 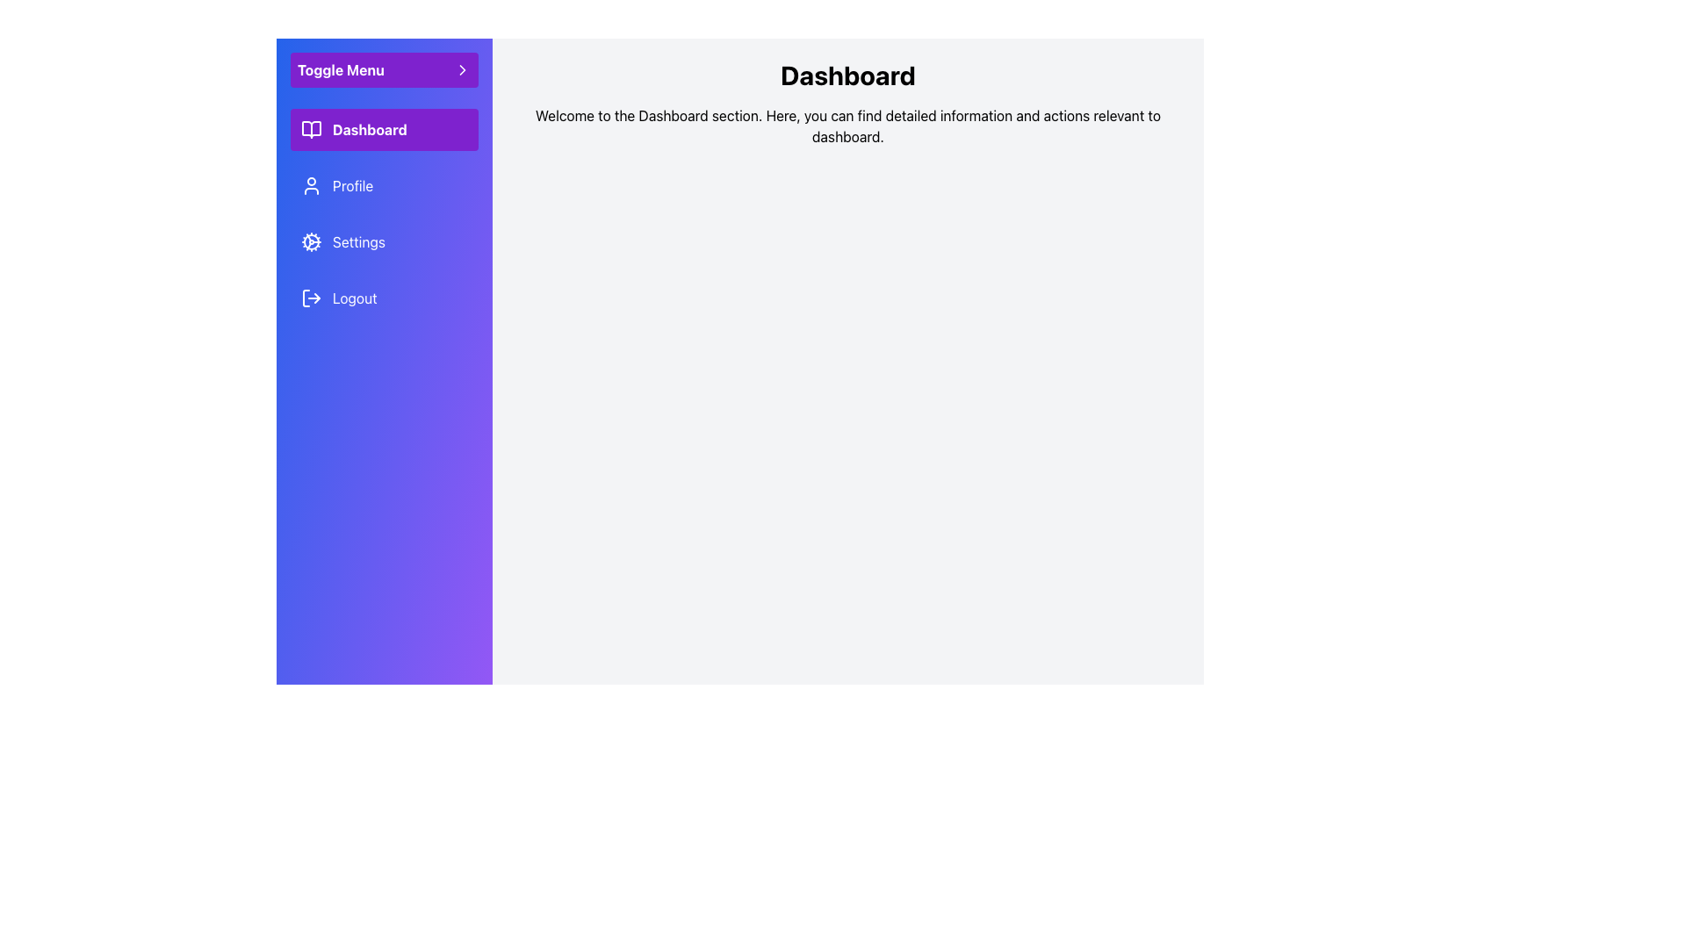 What do you see at coordinates (341, 69) in the screenshot?
I see `the text label positioned near the top of the vertical sidebar, above options like 'Dashboard' and 'Profile', which is part of a control group with an arrow icon indicating expandability` at bounding box center [341, 69].